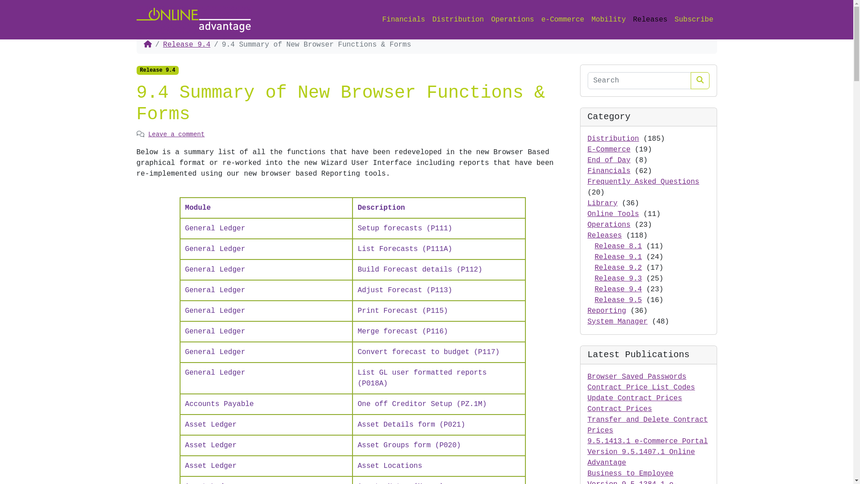 This screenshot has height=484, width=860. What do you see at coordinates (595, 267) in the screenshot?
I see `'Release 9.2'` at bounding box center [595, 267].